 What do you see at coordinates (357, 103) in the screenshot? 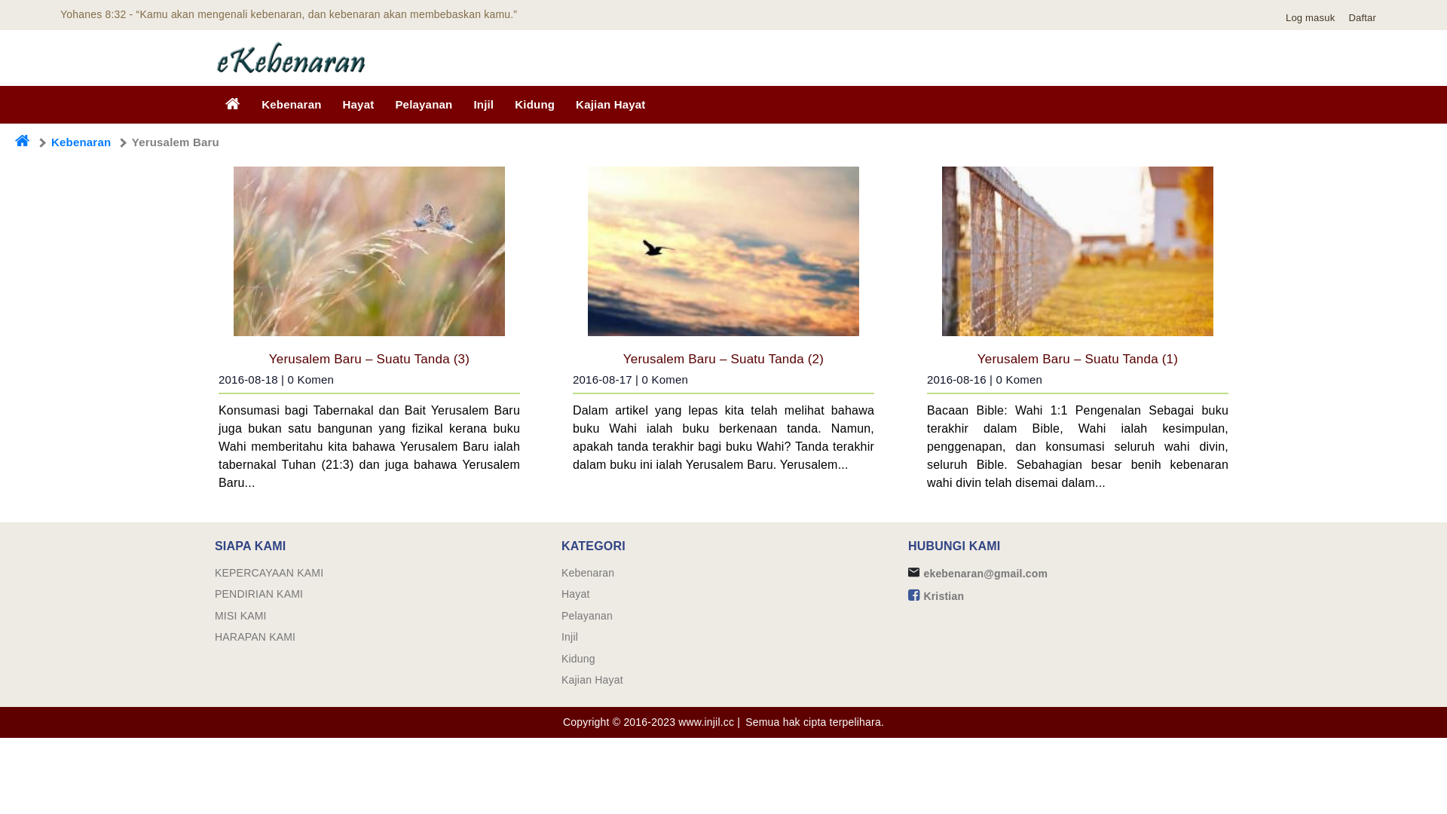
I see `'Hayat'` at bounding box center [357, 103].